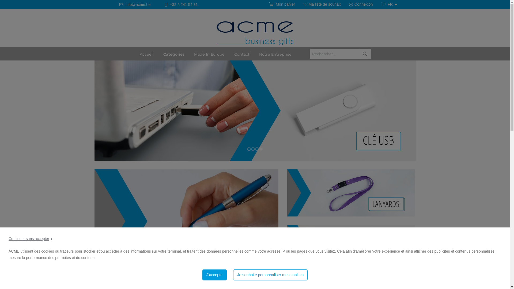 The image size is (514, 289). I want to click on '+32 2 241 54 31', so click(181, 5).